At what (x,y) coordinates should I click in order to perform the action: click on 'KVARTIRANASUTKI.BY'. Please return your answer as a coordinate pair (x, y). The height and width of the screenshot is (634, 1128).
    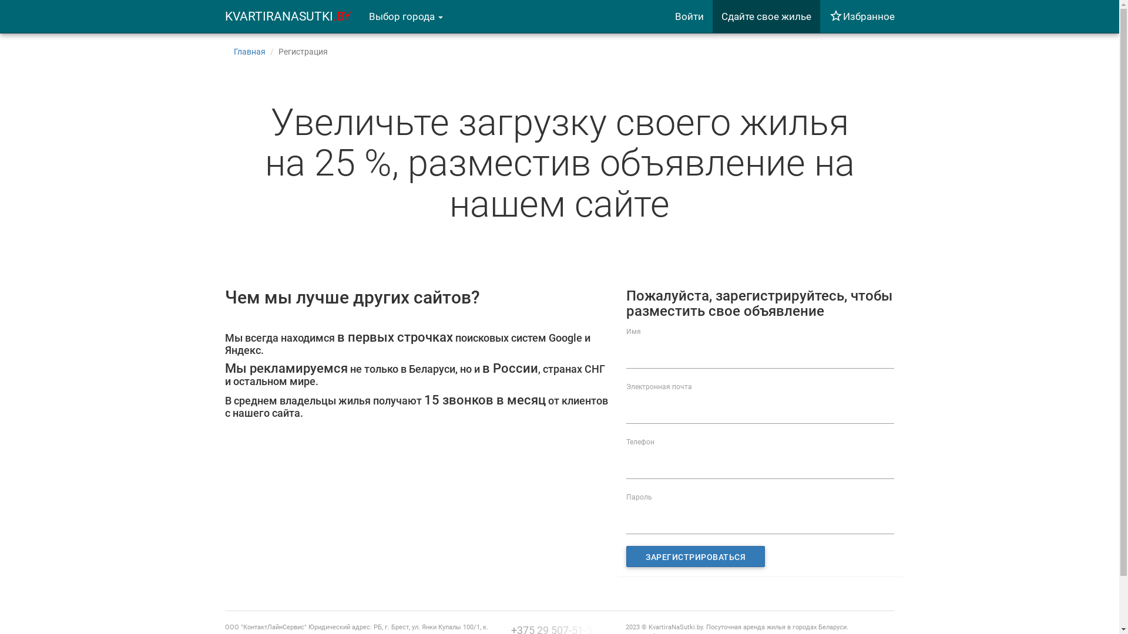
    Looking at the image, I should click on (288, 16).